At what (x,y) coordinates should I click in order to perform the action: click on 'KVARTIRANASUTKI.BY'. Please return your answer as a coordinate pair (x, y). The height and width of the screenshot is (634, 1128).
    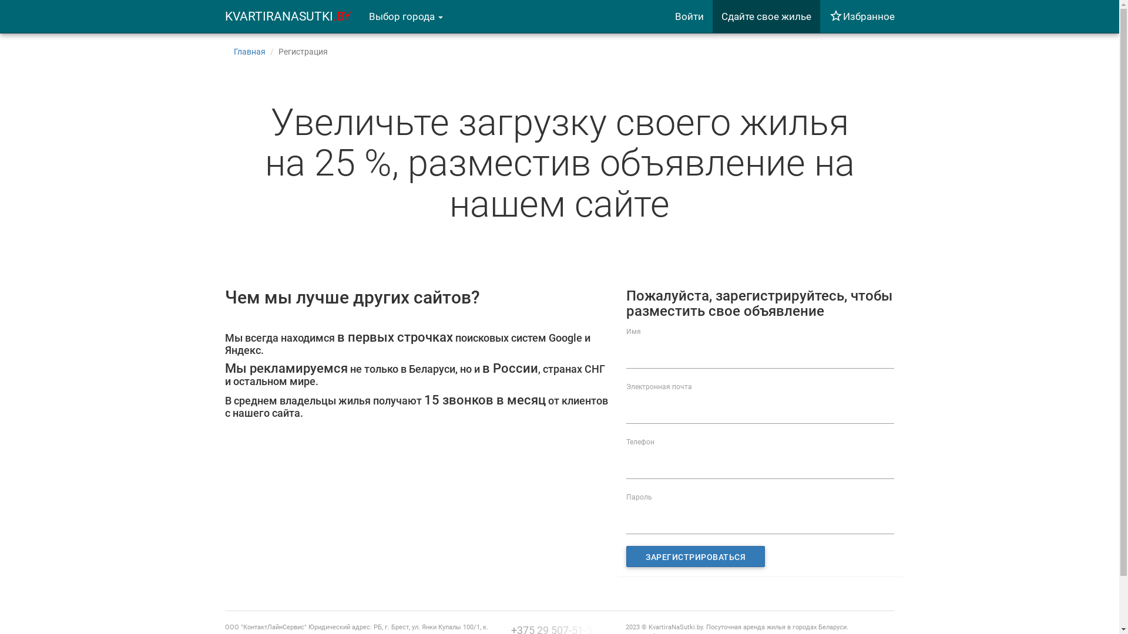
    Looking at the image, I should click on (288, 16).